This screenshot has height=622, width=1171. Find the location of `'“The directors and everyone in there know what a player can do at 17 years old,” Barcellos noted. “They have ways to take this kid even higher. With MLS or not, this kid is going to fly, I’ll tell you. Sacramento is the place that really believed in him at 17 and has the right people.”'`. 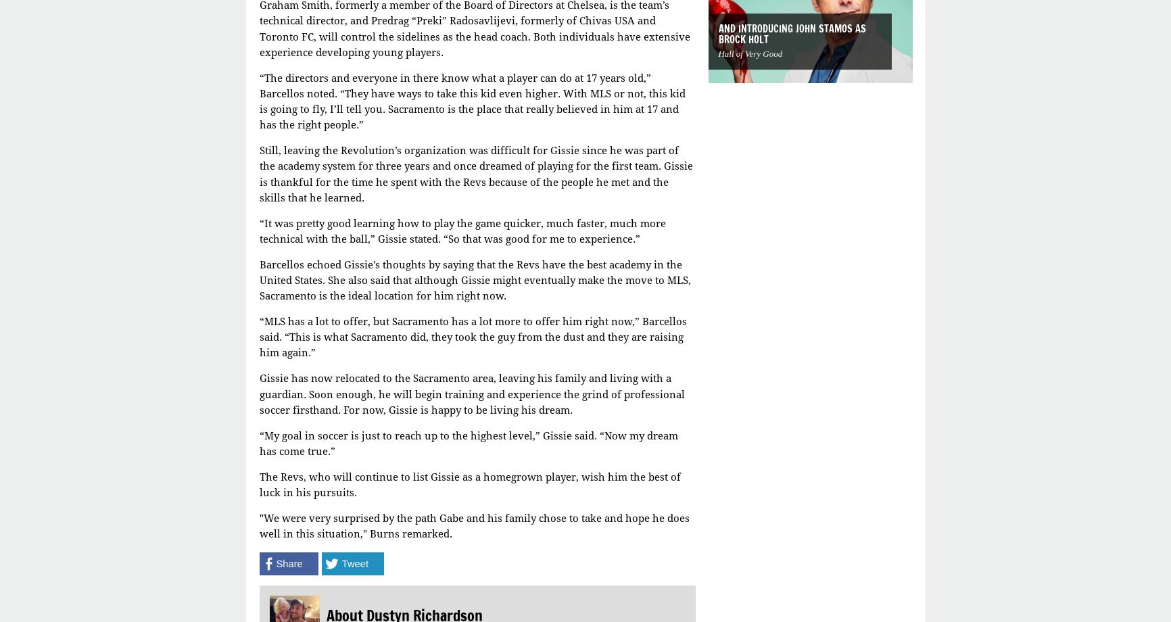

'“The directors and everyone in there know what a player can do at 17 years old,” Barcellos noted. “They have ways to take this kid even higher. With MLS or not, this kid is going to fly, I’ll tell you. Sacramento is the place that really believed in him at 17 and has the right people.”' is located at coordinates (471, 100).